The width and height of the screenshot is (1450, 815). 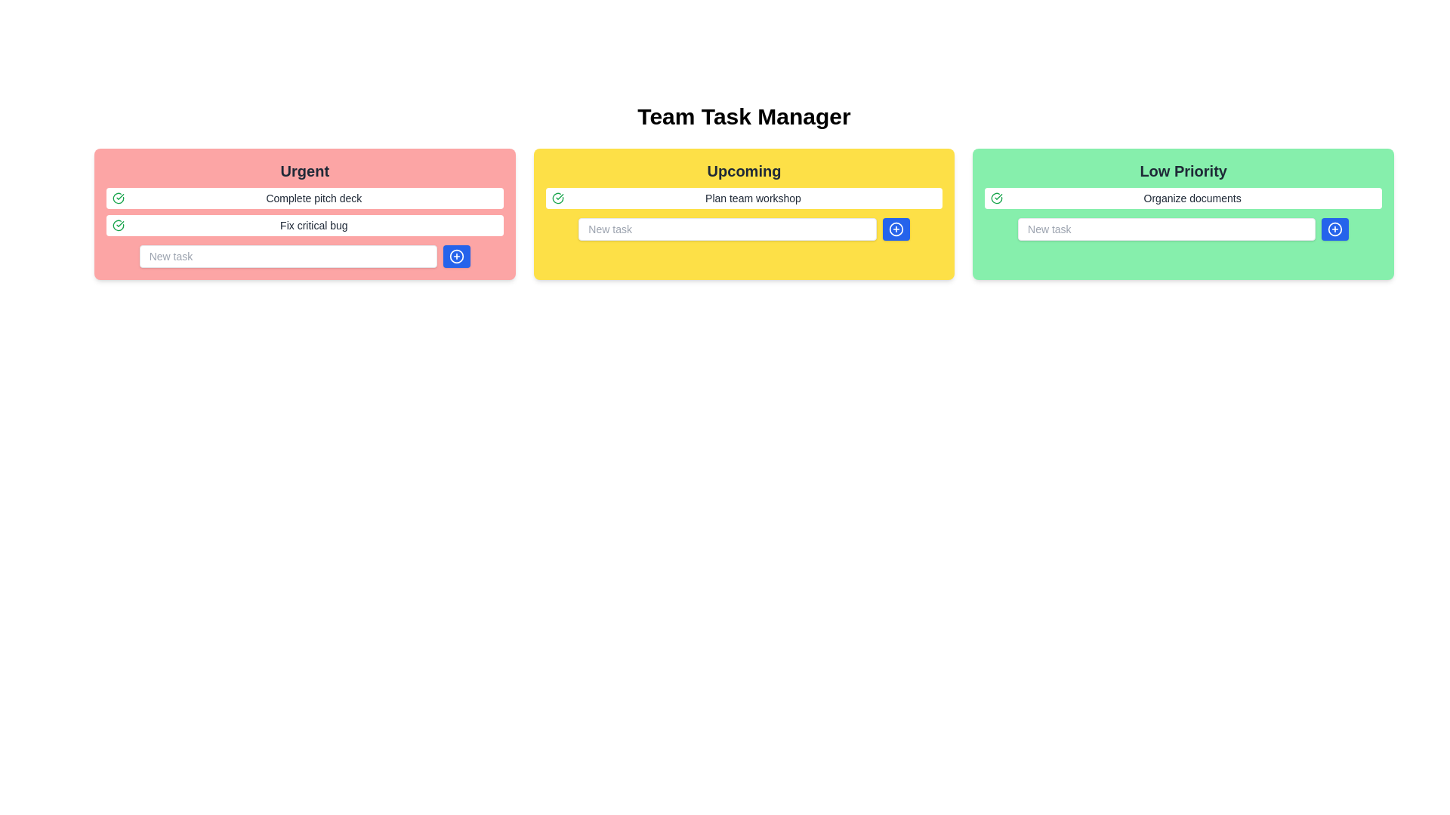 What do you see at coordinates (118, 197) in the screenshot?
I see `the green circular check mark icon that indicates the completion status of the 'Complete pitch deck' task in the Urgent task section` at bounding box center [118, 197].